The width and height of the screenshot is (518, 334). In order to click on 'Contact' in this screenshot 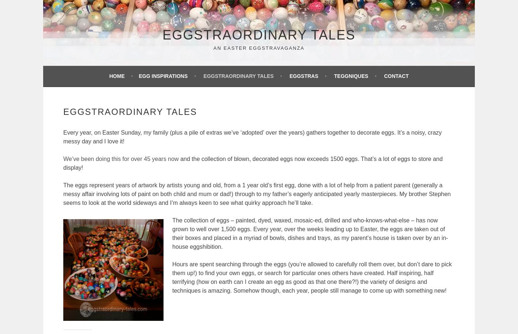, I will do `click(396, 75)`.